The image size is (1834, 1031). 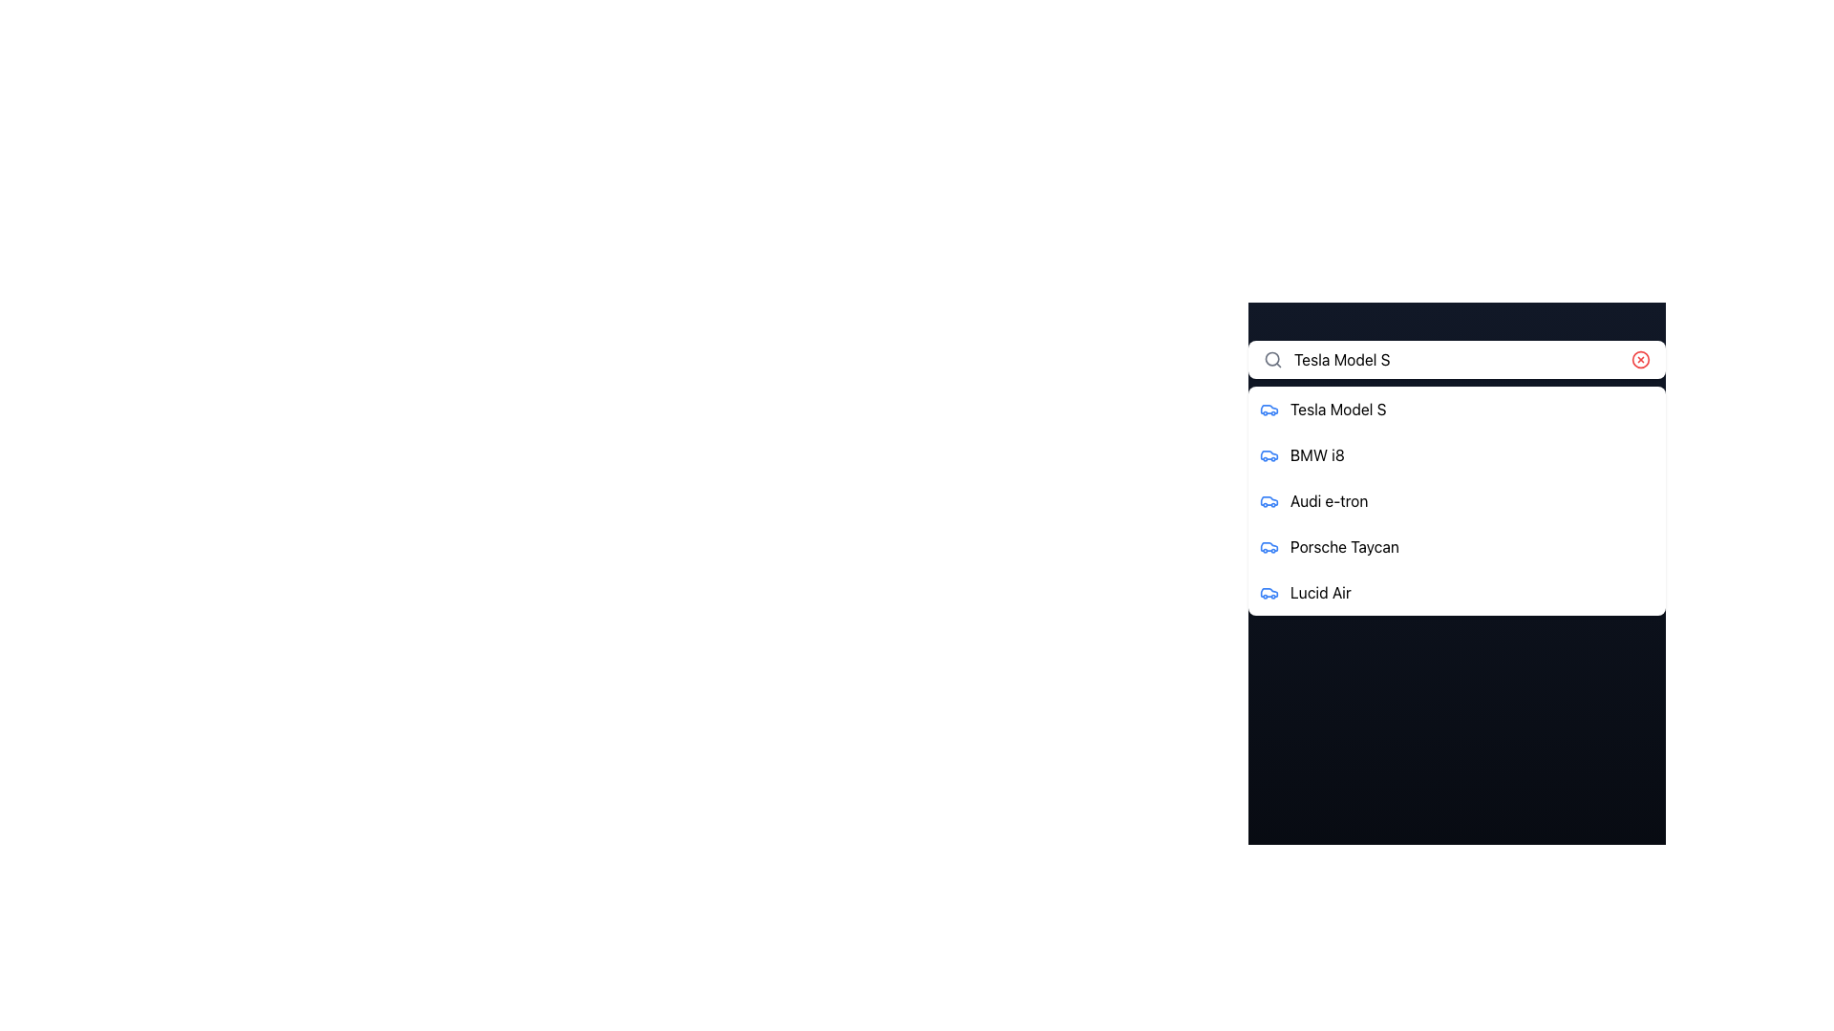 What do you see at coordinates (1272, 359) in the screenshot?
I see `the decorative circle element representing the lens of the magnifying glass icon located at the start of the search field` at bounding box center [1272, 359].